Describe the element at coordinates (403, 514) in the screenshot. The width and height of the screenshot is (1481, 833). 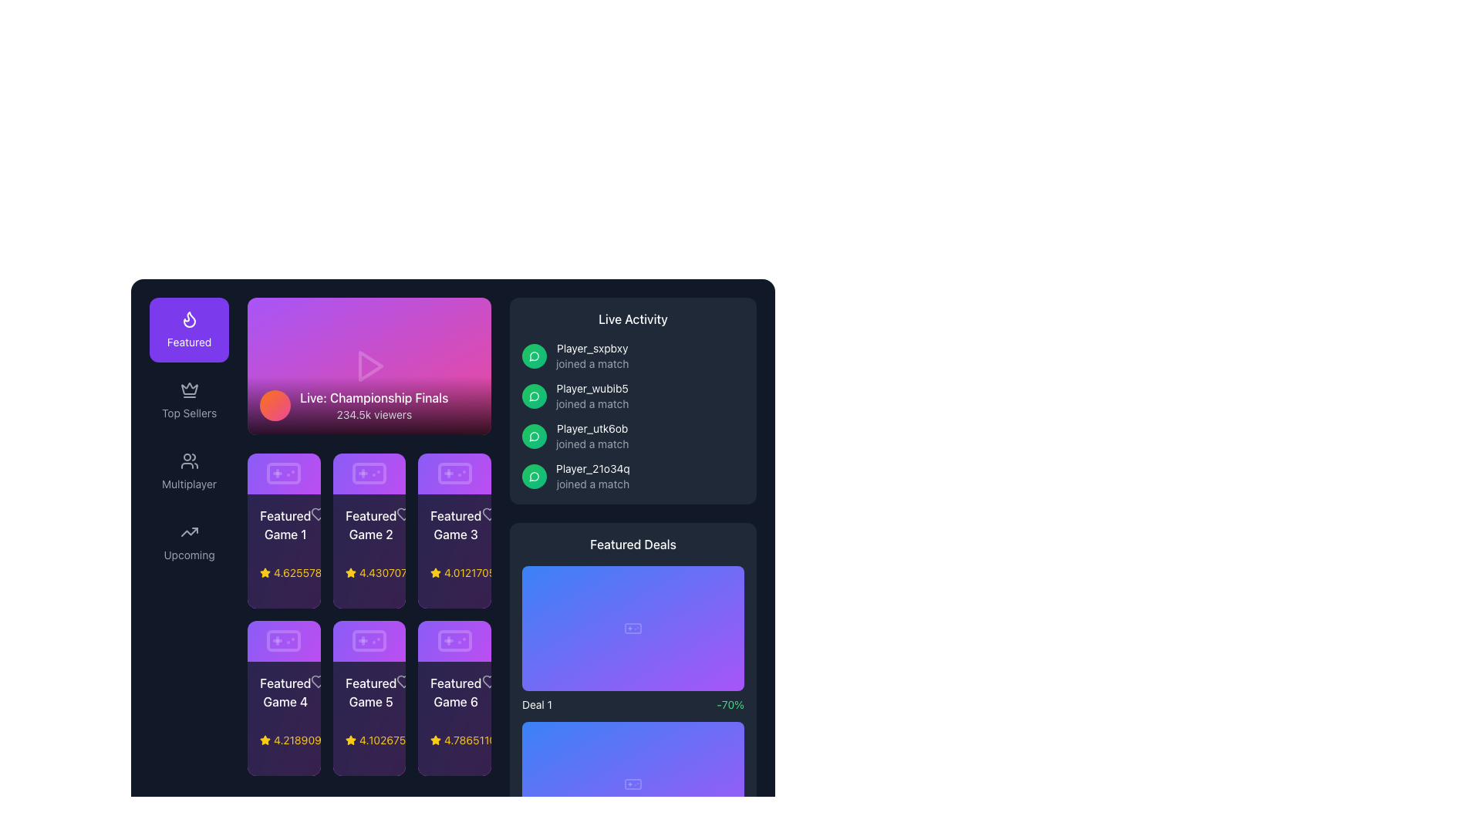
I see `the heart icon button located at the top-right corner of the 'Featured Game 2' card` at that location.